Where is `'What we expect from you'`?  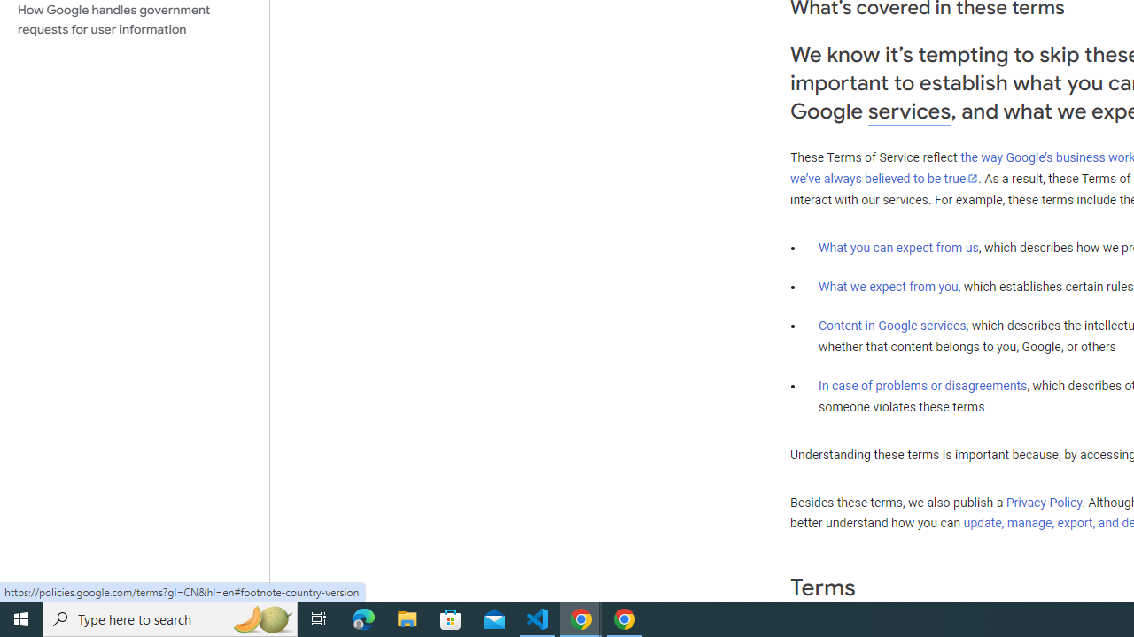 'What we expect from you' is located at coordinates (888, 286).